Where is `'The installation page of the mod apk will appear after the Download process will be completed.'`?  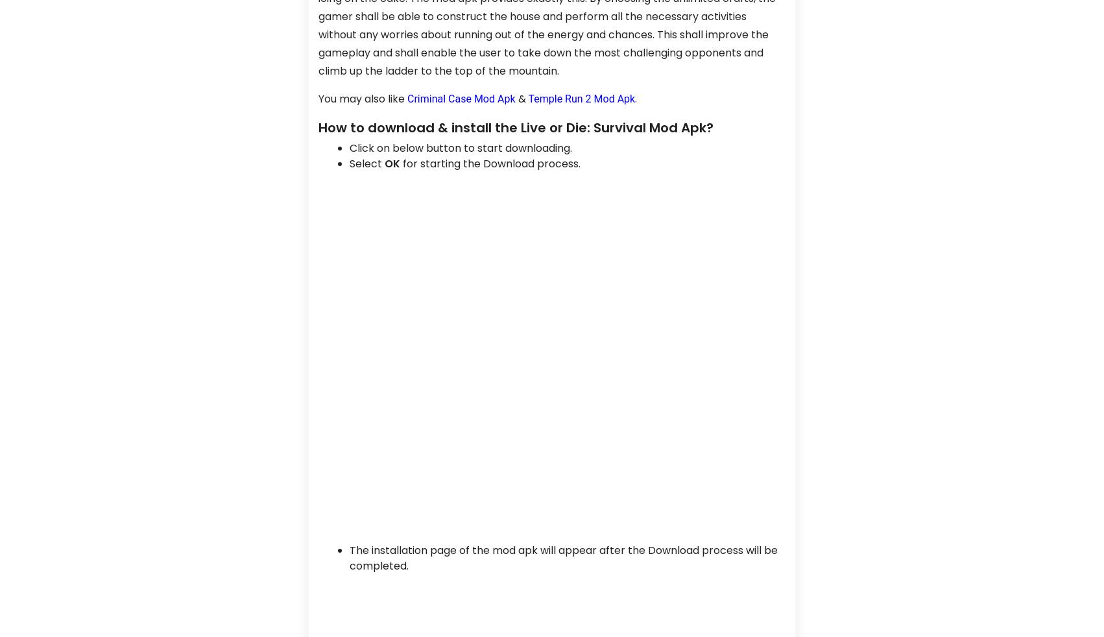 'The installation page of the mod apk will appear after the Download process will be completed.' is located at coordinates (564, 557).